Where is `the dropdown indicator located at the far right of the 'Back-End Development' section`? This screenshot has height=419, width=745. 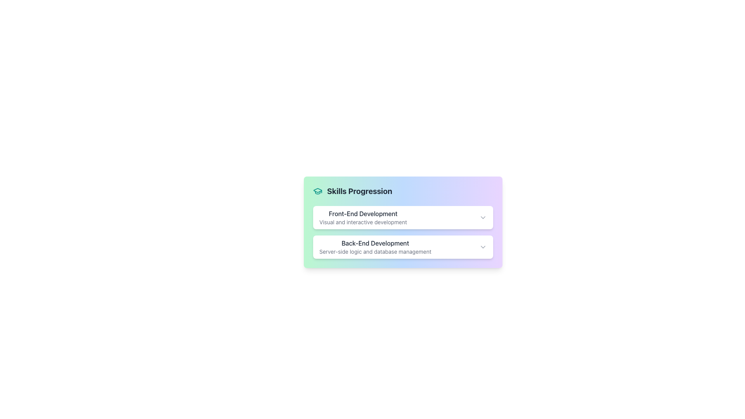 the dropdown indicator located at the far right of the 'Back-End Development' section is located at coordinates (482, 247).